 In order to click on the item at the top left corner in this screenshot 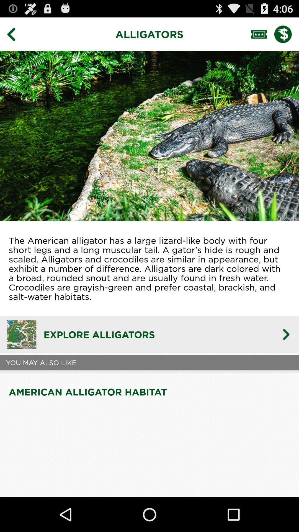, I will do `click(15, 34)`.